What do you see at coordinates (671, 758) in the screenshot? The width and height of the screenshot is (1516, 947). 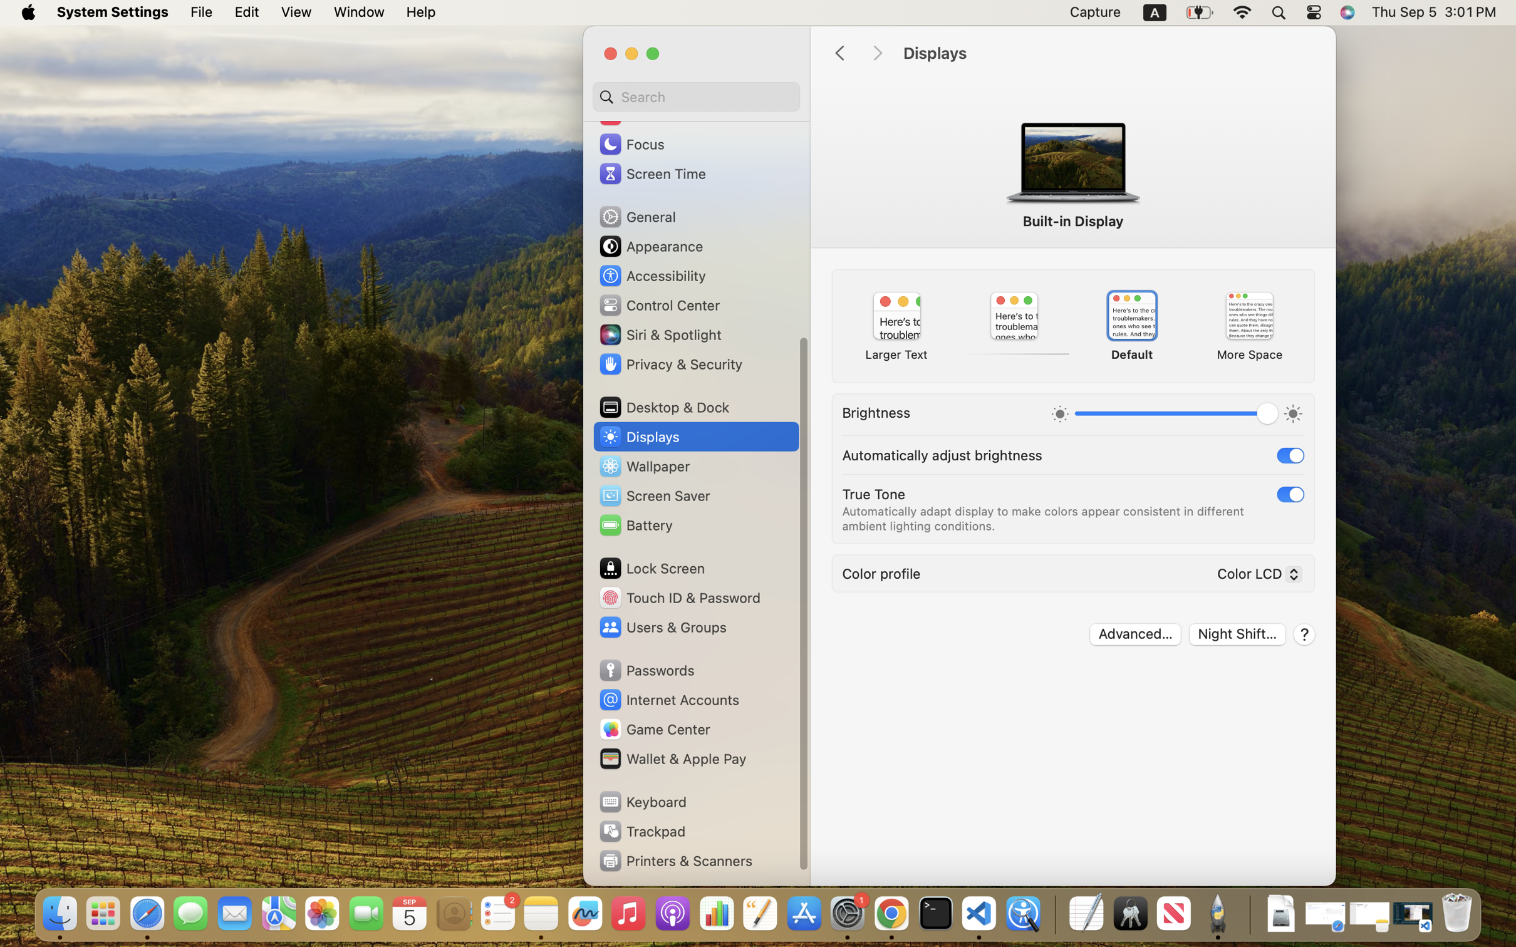 I see `'Wallet & Apple Pay'` at bounding box center [671, 758].